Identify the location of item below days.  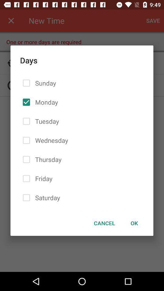
(134, 223).